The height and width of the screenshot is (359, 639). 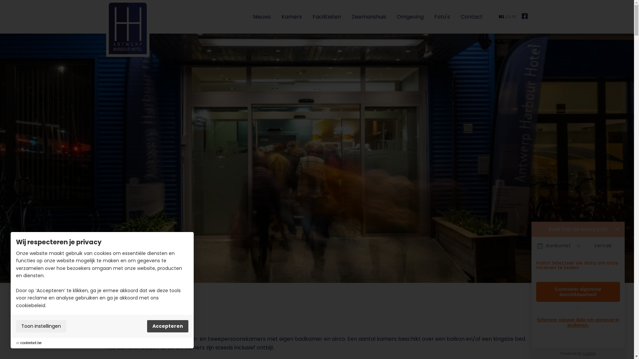 What do you see at coordinates (471, 16) in the screenshot?
I see `'Contact'` at bounding box center [471, 16].